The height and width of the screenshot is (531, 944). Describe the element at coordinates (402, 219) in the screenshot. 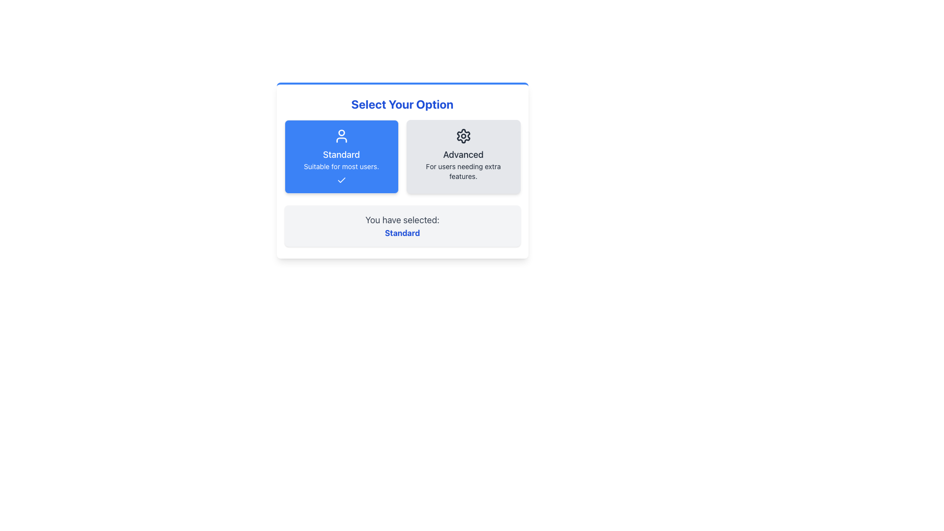

I see `the text label displaying 'You have selected:' in dark gray, positioned above the 'Standard' text element` at that location.